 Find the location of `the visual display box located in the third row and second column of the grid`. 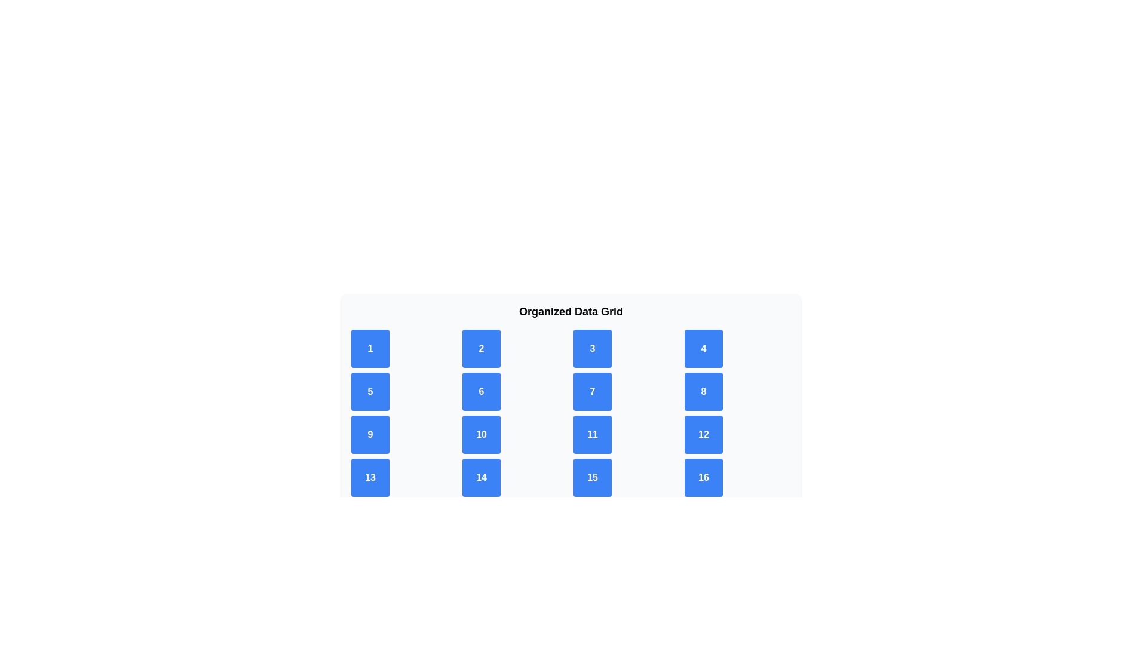

the visual display box located in the third row and second column of the grid is located at coordinates (482, 435).